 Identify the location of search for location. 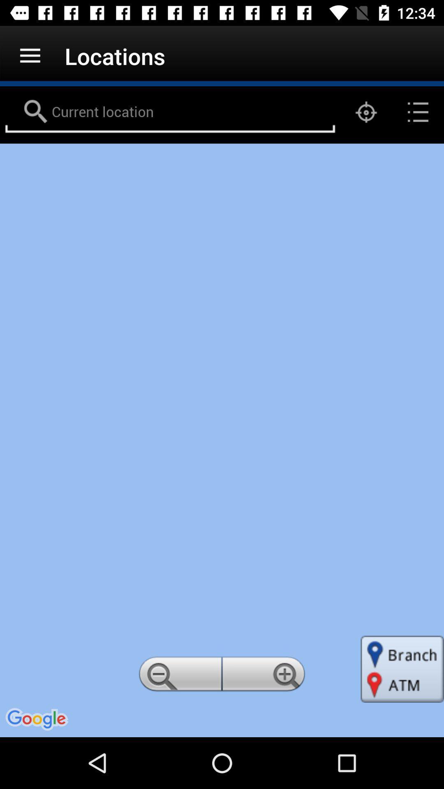
(169, 112).